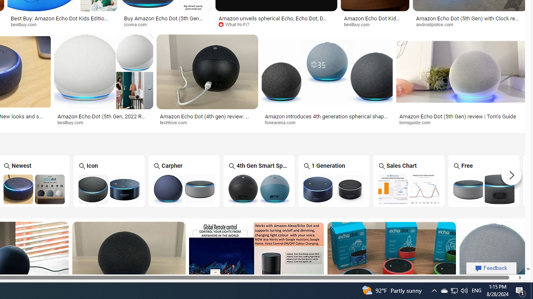  What do you see at coordinates (493, 259) in the screenshot?
I see `'Image result for Amazon Echo Dot Colors'` at bounding box center [493, 259].